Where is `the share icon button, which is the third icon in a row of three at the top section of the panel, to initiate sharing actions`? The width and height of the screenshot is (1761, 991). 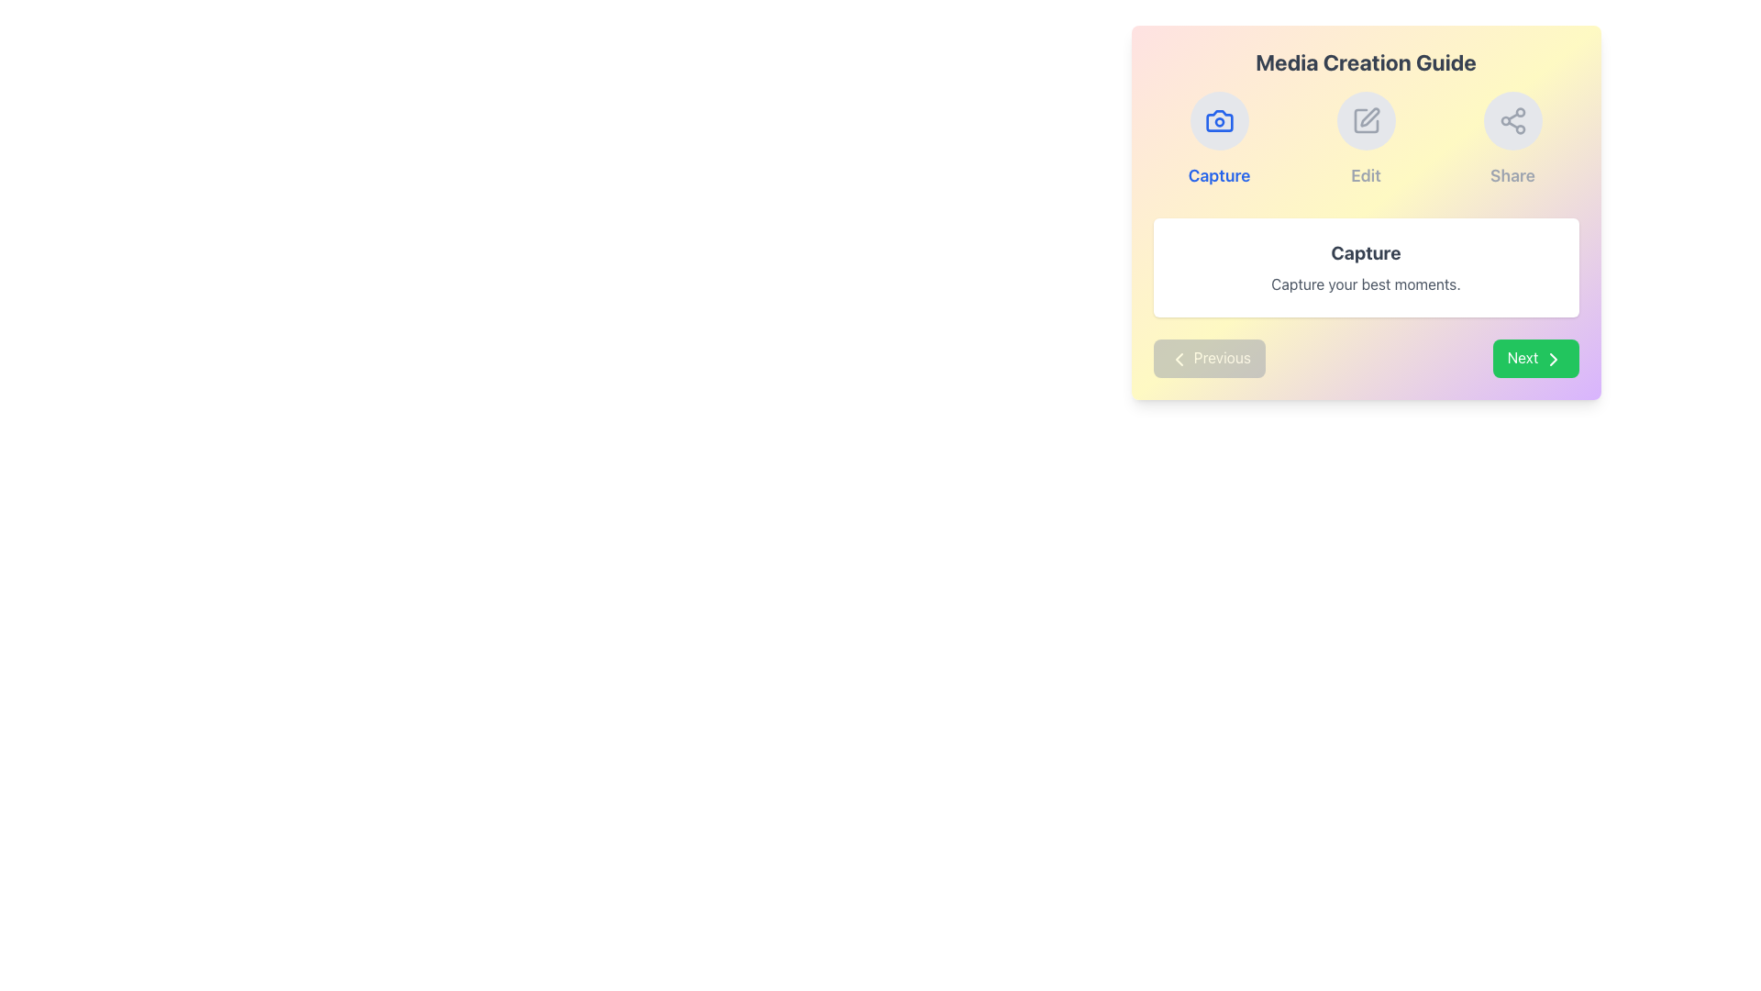
the share icon button, which is the third icon in a row of three at the top section of the panel, to initiate sharing actions is located at coordinates (1512, 120).